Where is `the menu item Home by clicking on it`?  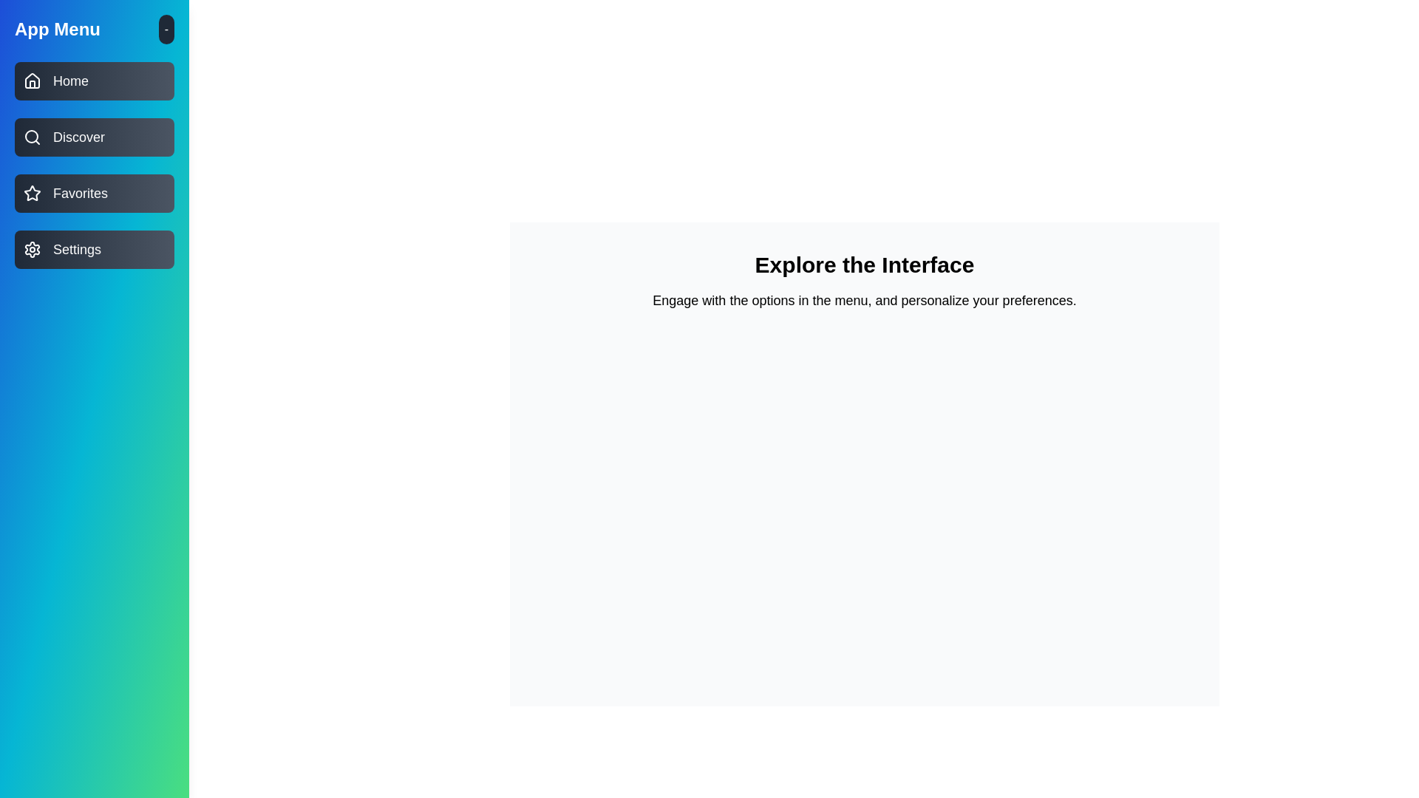
the menu item Home by clicking on it is located at coordinates (94, 81).